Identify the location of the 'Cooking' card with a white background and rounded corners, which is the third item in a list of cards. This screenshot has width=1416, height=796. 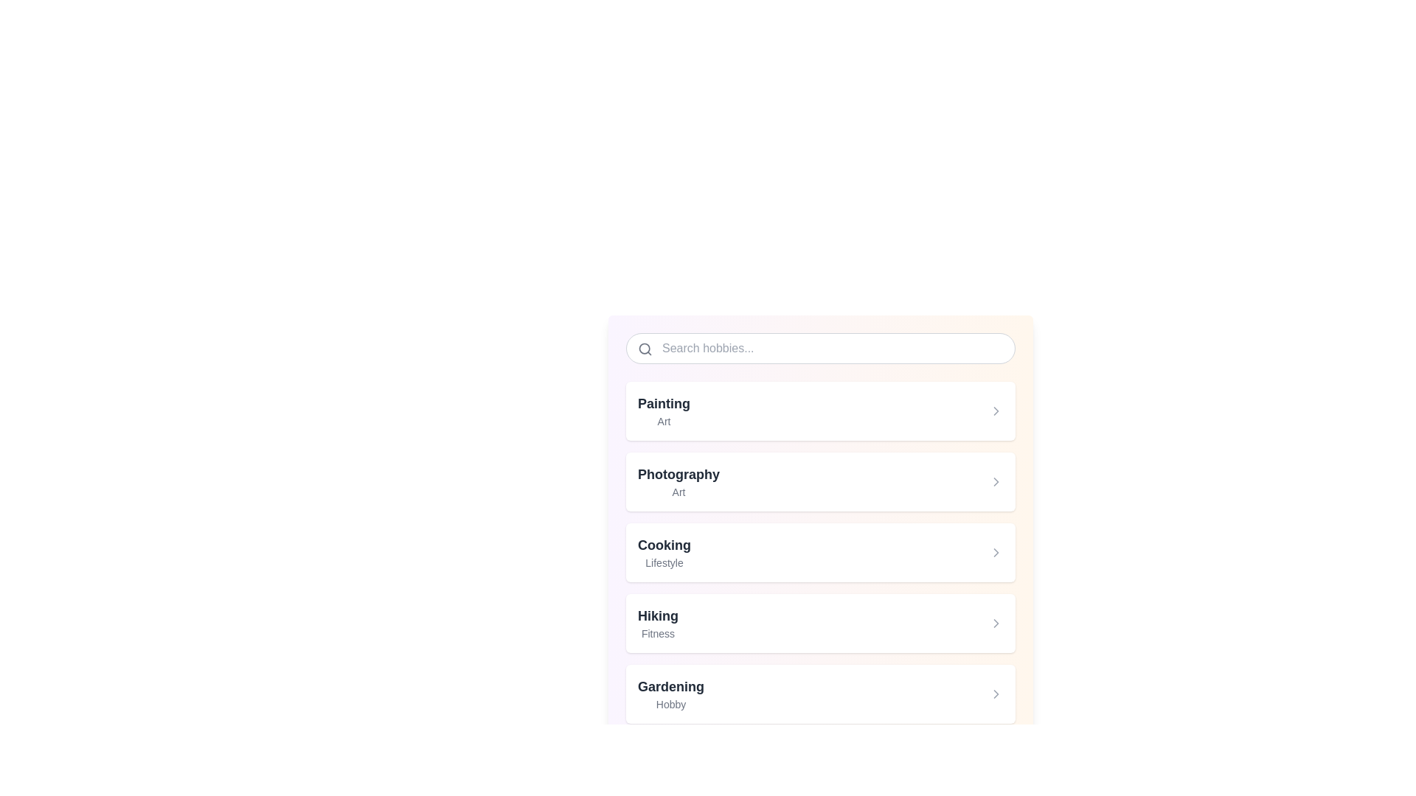
(820, 552).